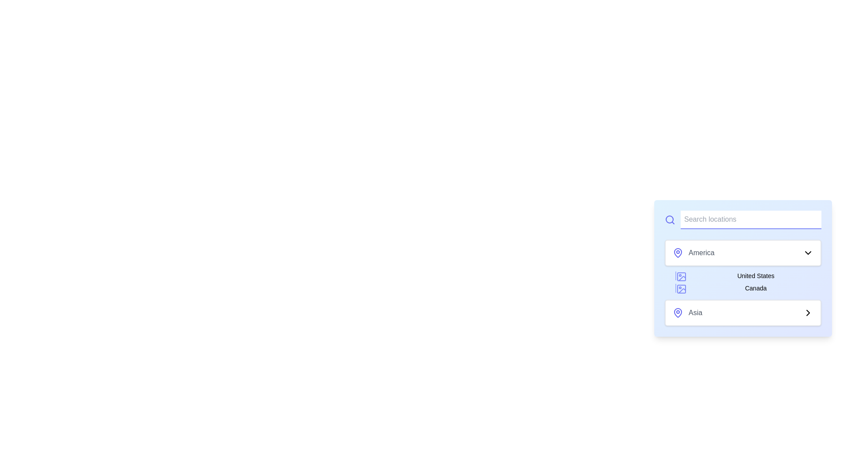 Image resolution: width=847 pixels, height=476 pixels. Describe the element at coordinates (677, 253) in the screenshot. I see `the indigo-colored map pin icon located to the left of the 'America' label in the dropdown menu for additional options` at that location.